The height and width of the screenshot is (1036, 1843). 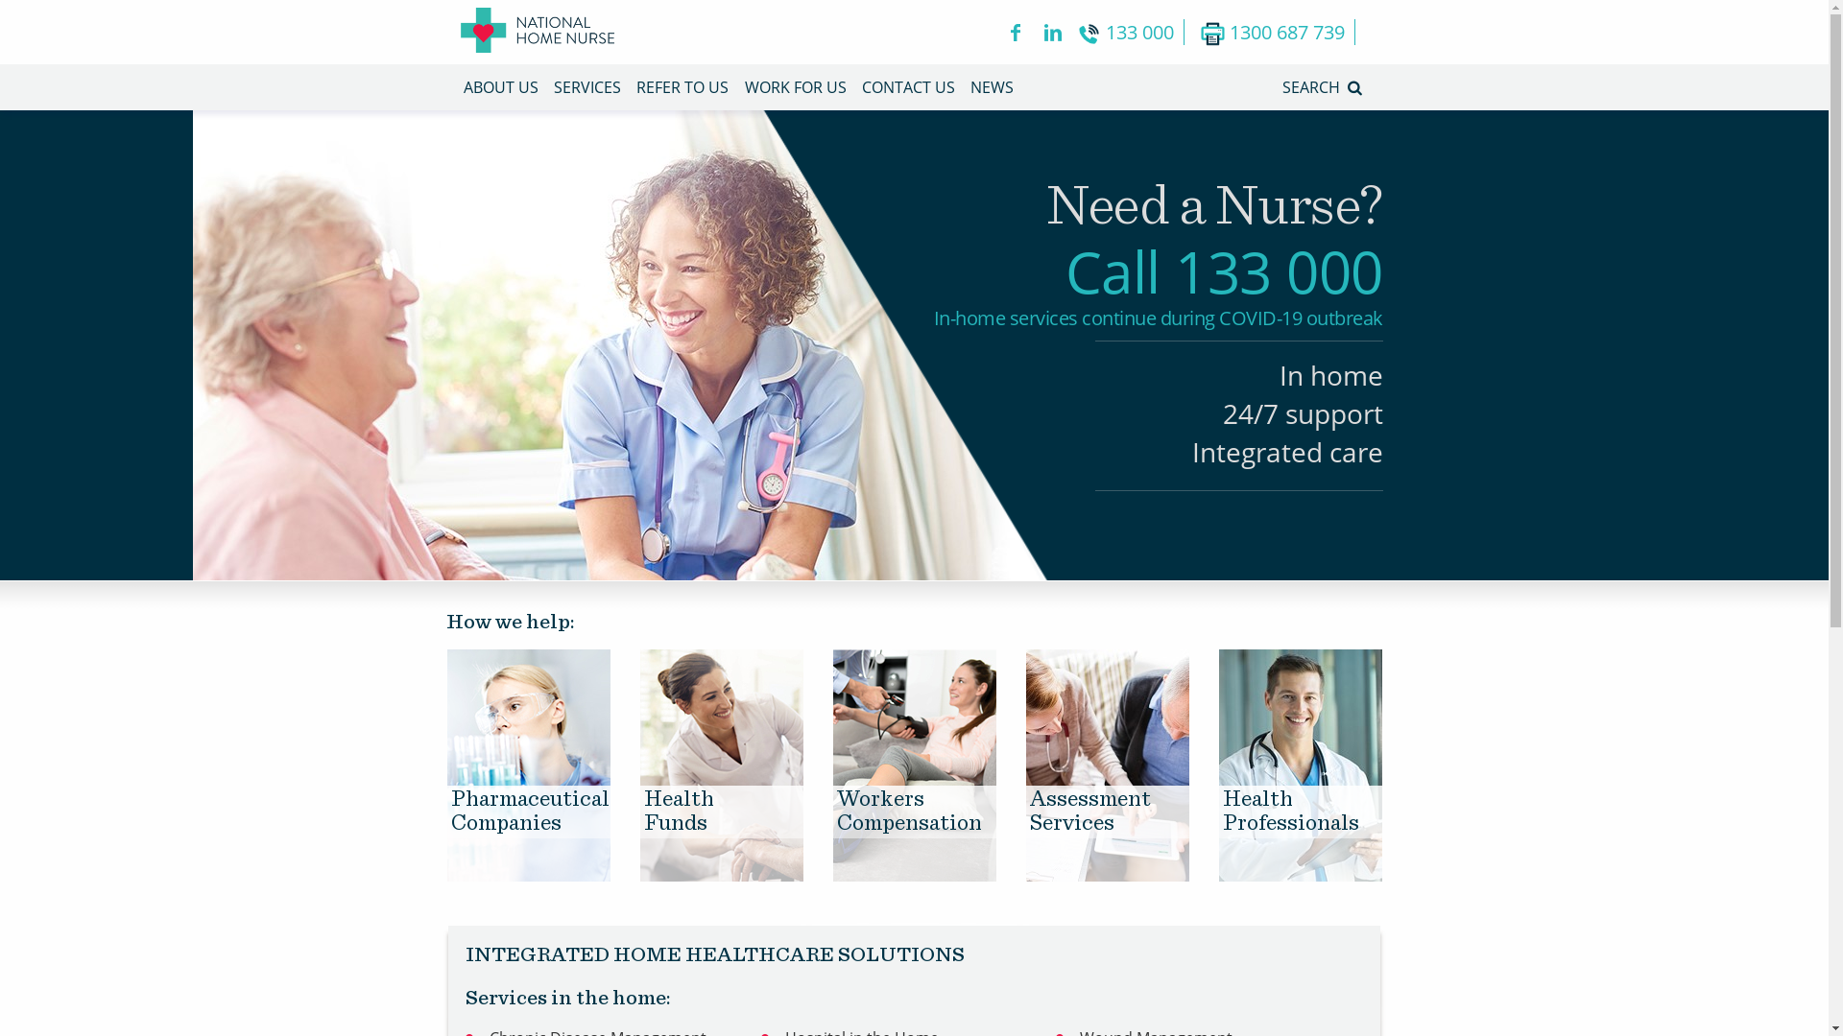 I want to click on '133 000', so click(x=1130, y=32).